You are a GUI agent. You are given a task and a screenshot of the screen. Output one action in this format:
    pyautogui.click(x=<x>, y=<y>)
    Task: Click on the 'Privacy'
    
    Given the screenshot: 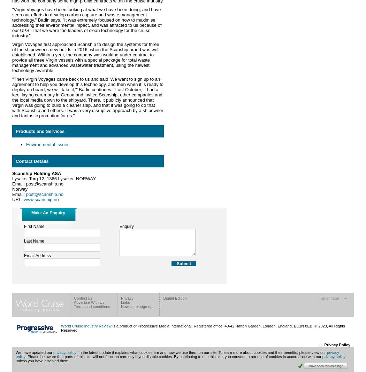 What is the action you would take?
    pyautogui.click(x=120, y=298)
    